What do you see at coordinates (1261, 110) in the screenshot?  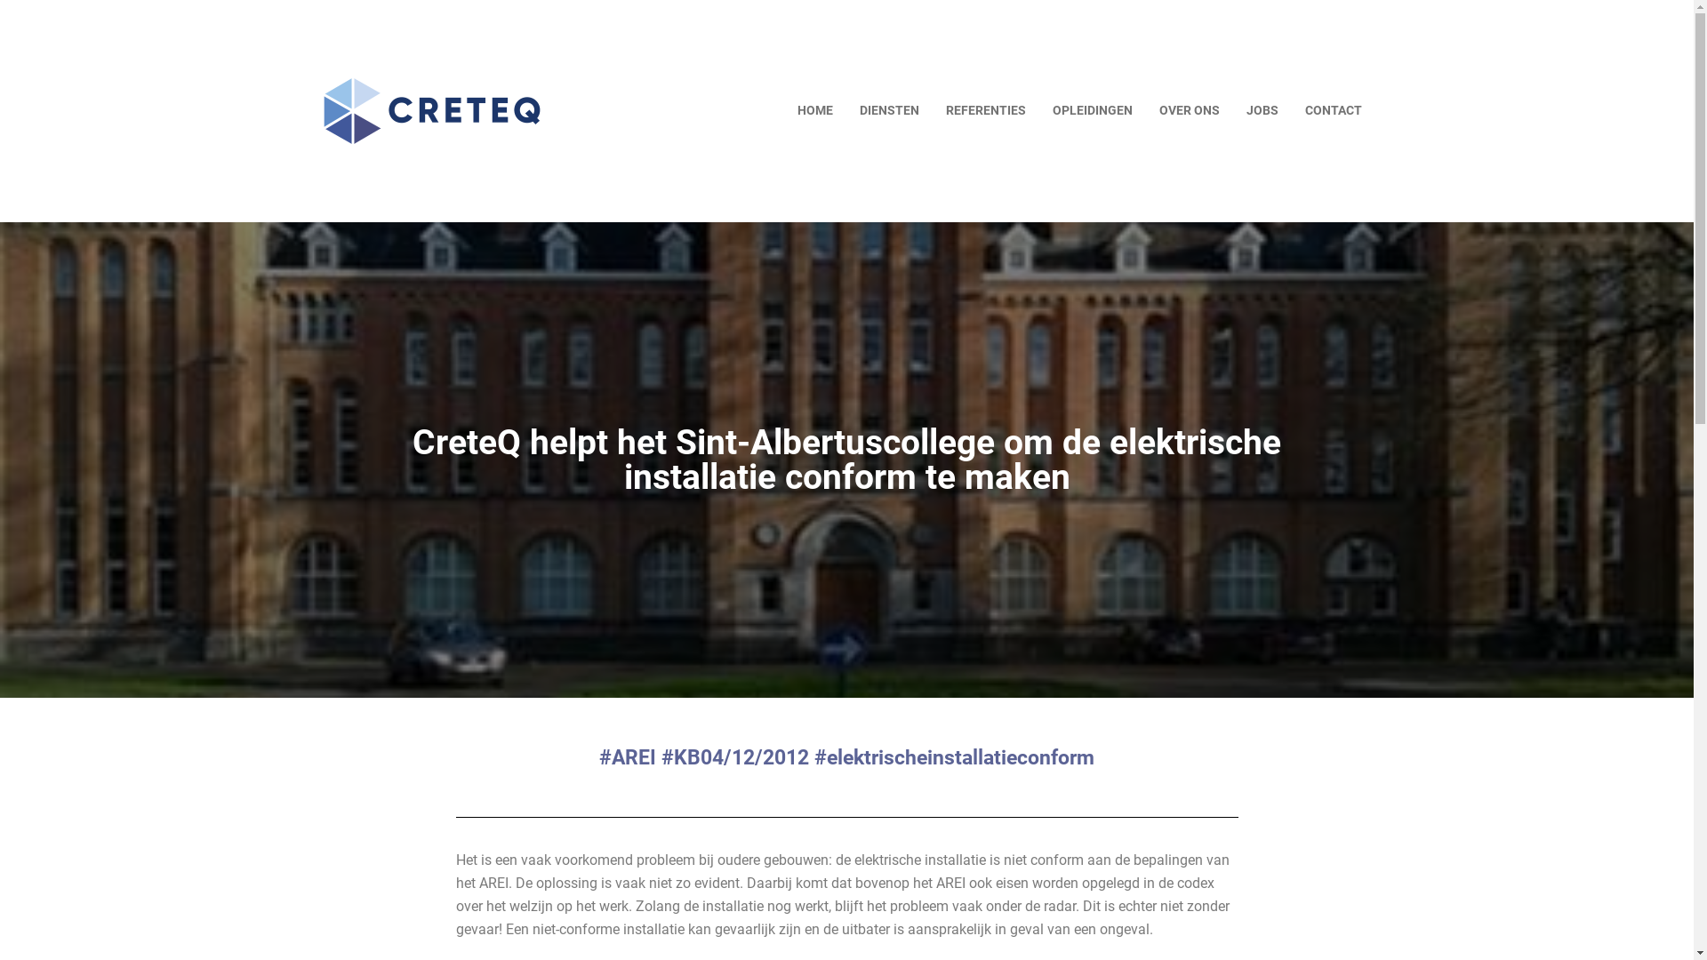 I see `'JOBS'` at bounding box center [1261, 110].